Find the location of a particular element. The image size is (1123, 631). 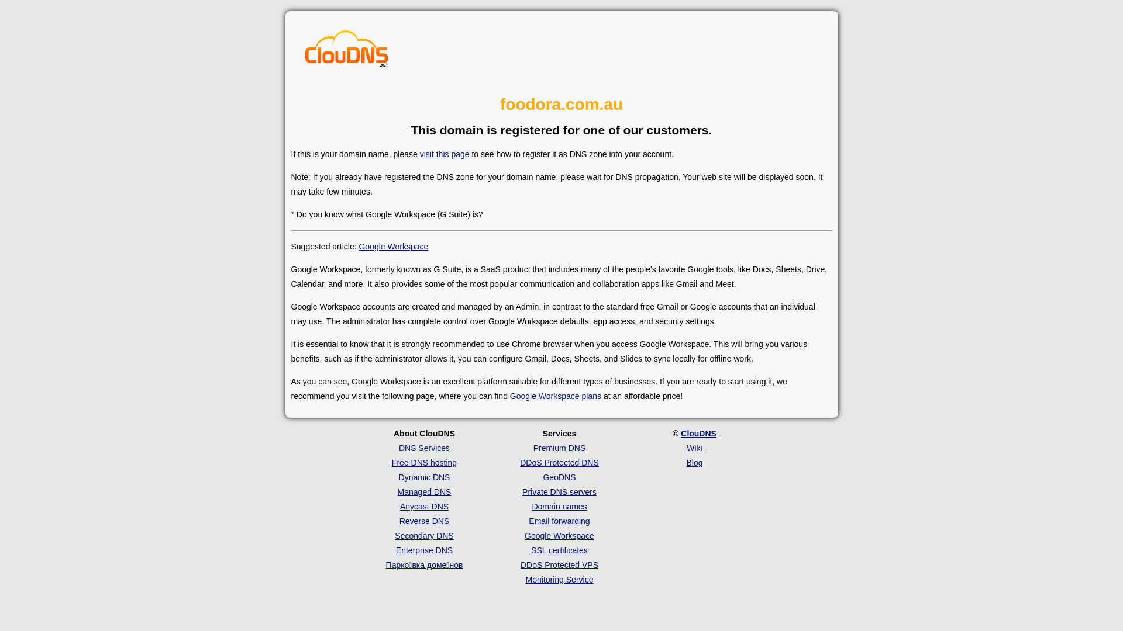

'Managed DNS' is located at coordinates (423, 491).